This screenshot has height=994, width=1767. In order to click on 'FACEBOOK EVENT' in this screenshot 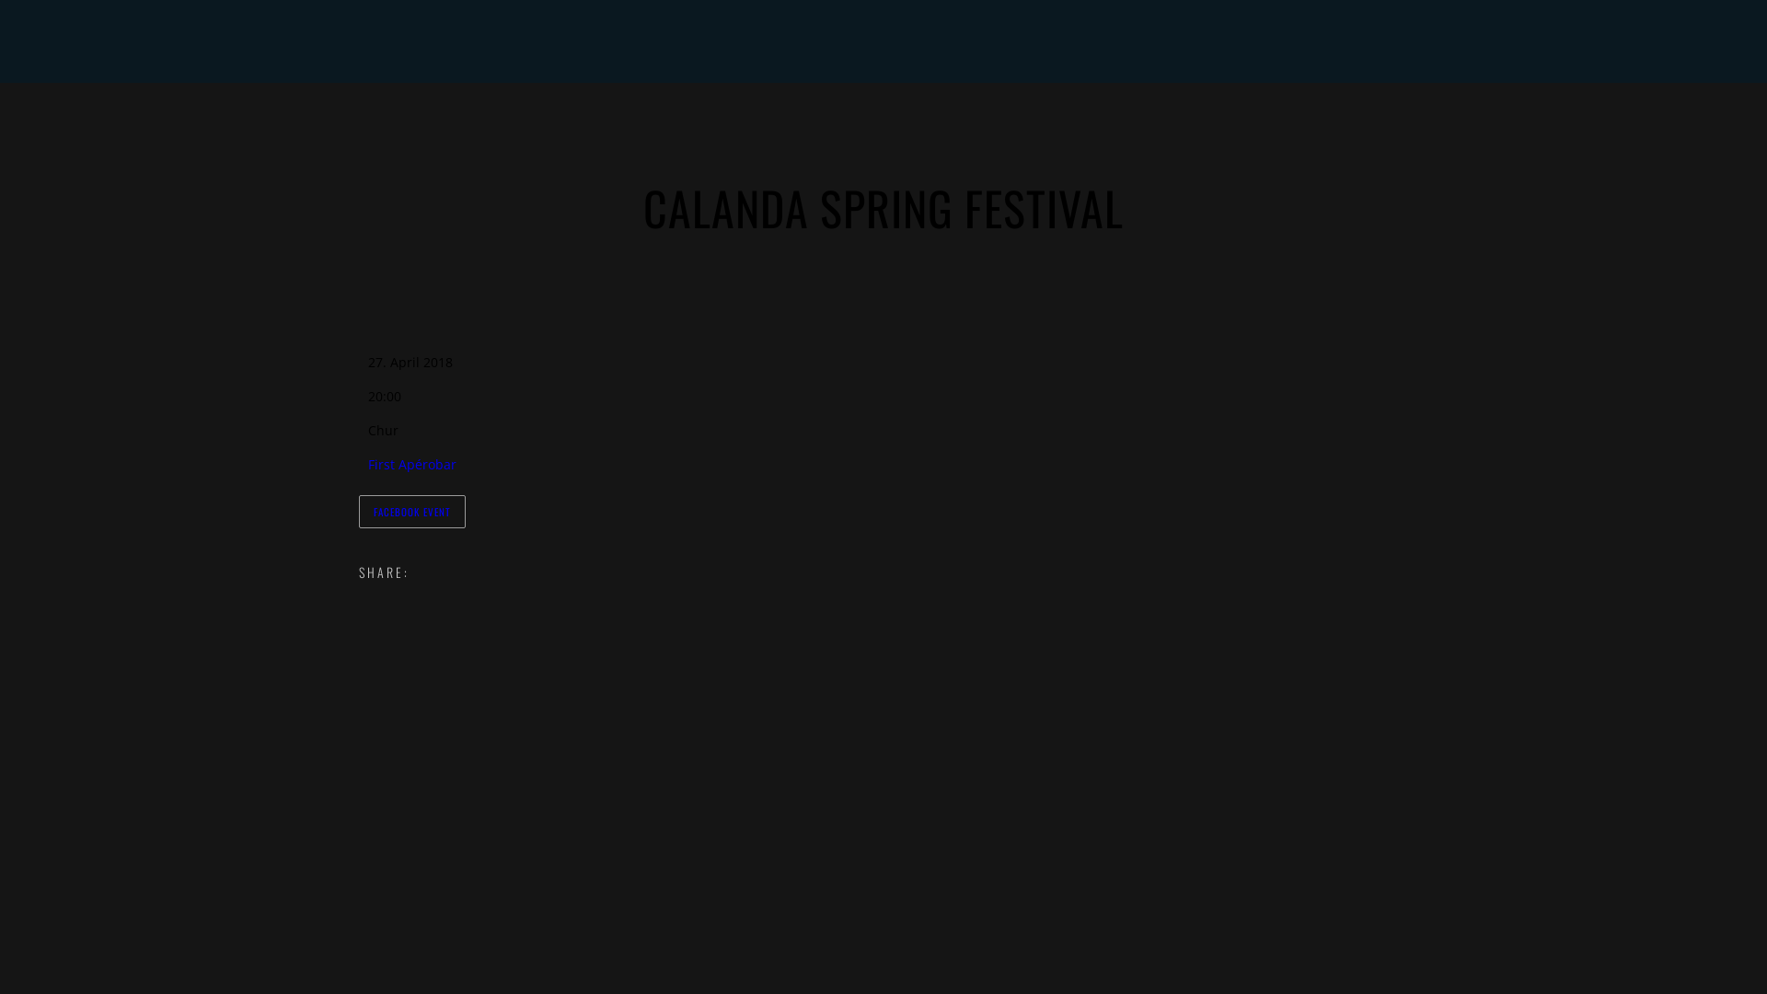, I will do `click(410, 511)`.